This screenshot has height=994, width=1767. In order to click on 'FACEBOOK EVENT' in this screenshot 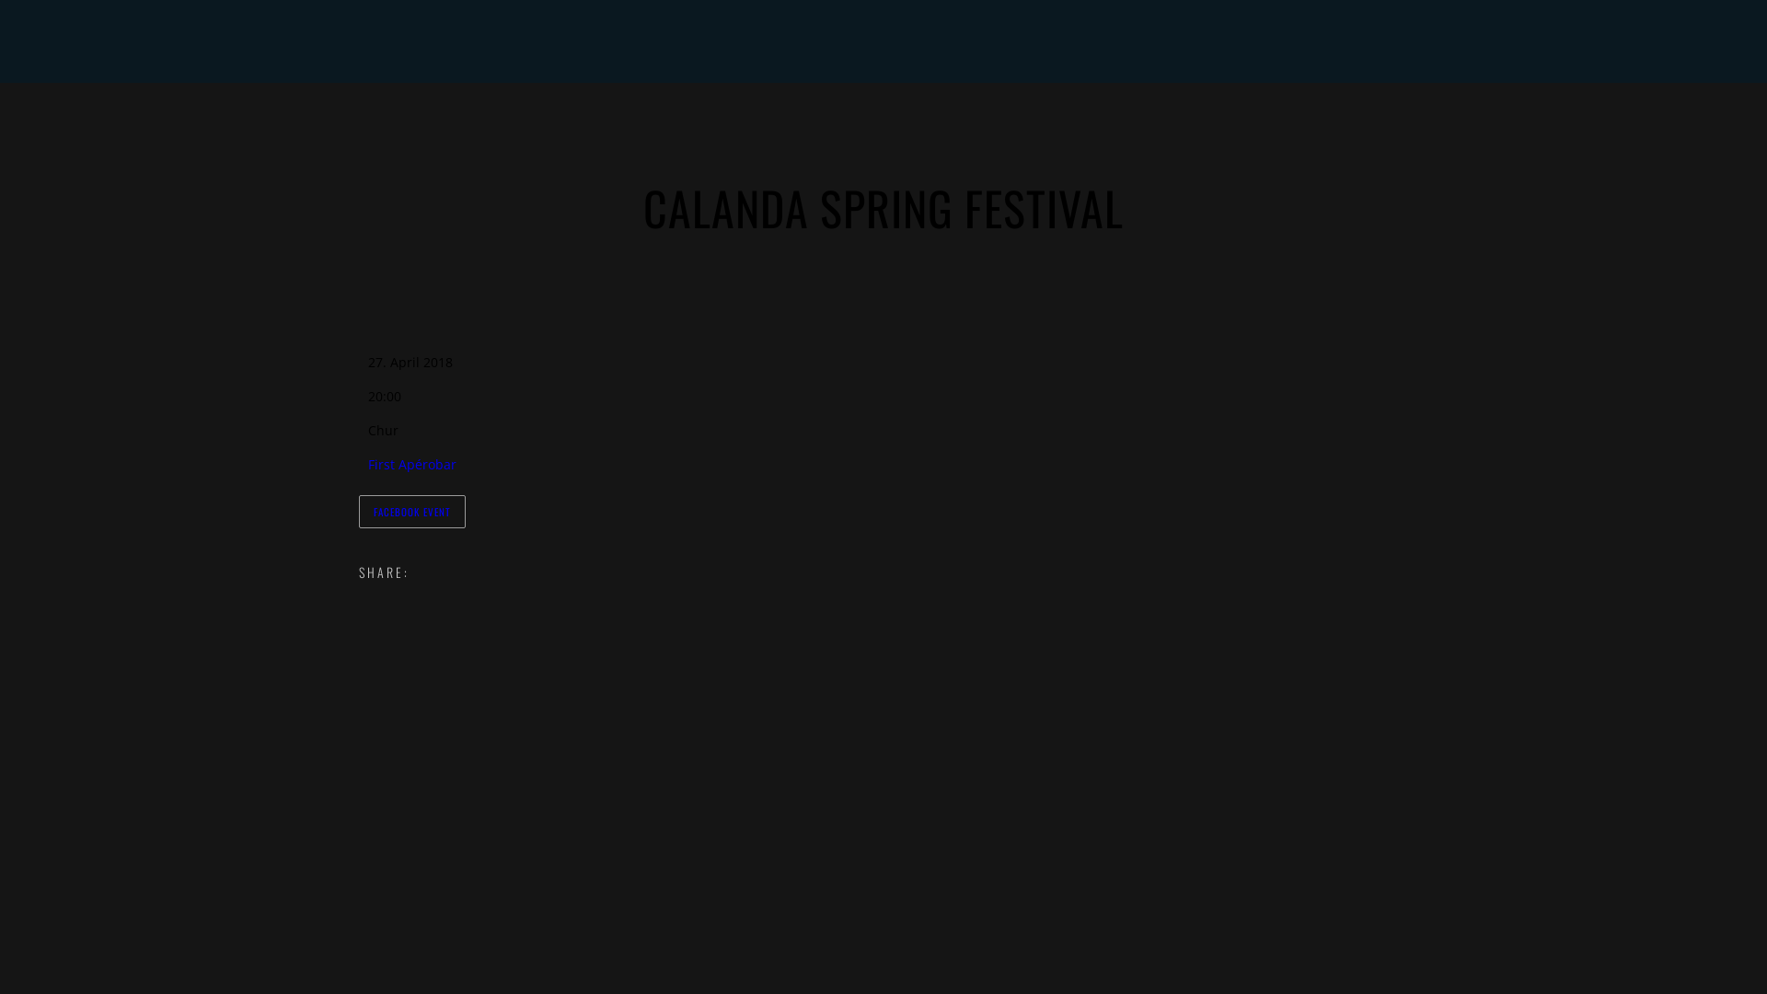, I will do `click(410, 511)`.